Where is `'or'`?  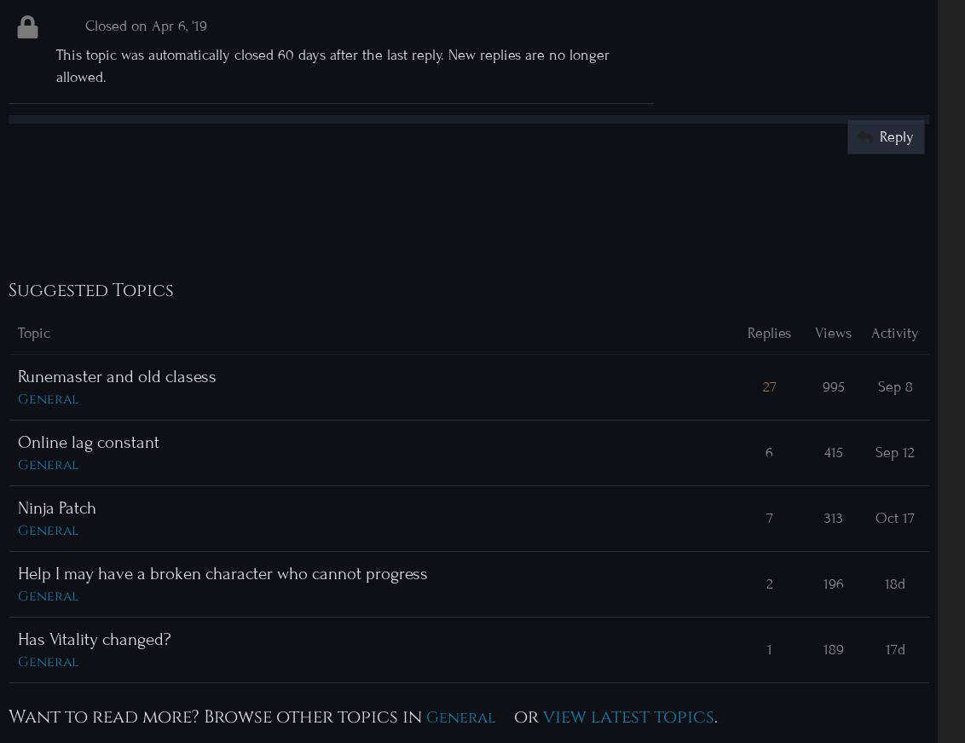
'or' is located at coordinates (526, 716).